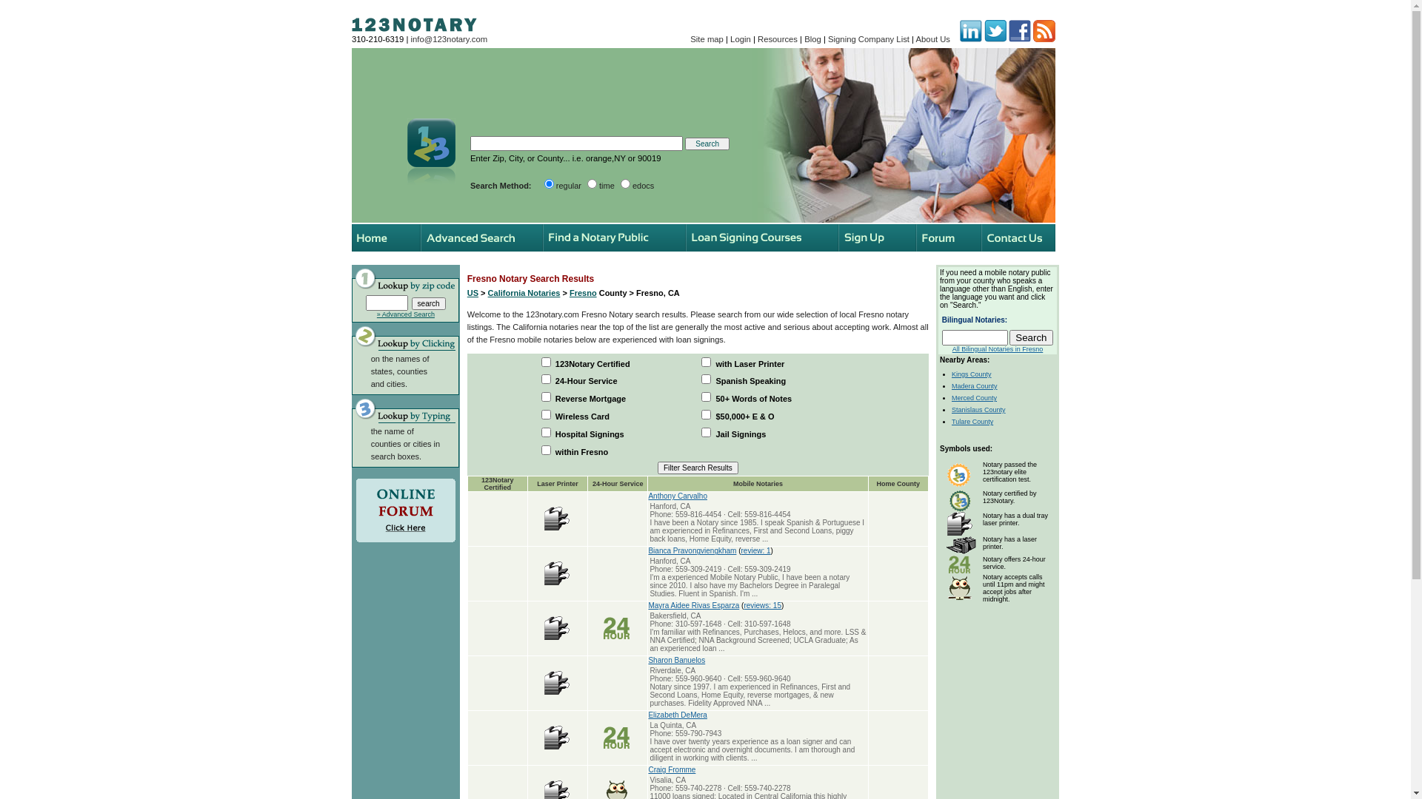 The image size is (1422, 799). What do you see at coordinates (932, 38) in the screenshot?
I see `'About Us'` at bounding box center [932, 38].